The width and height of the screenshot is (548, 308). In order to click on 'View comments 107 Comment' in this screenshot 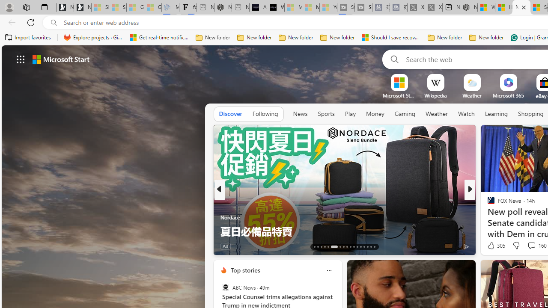, I will do `click(528, 246)`.